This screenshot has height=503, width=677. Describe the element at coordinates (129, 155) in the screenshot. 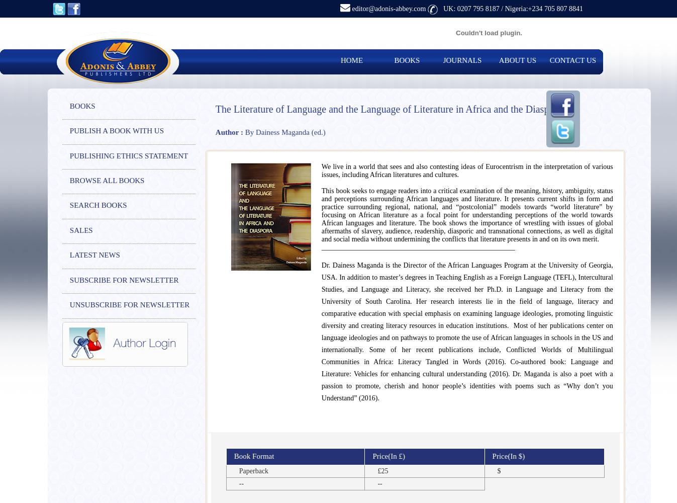

I see `'PUBLISHING ETHICS STATEMENT'` at that location.